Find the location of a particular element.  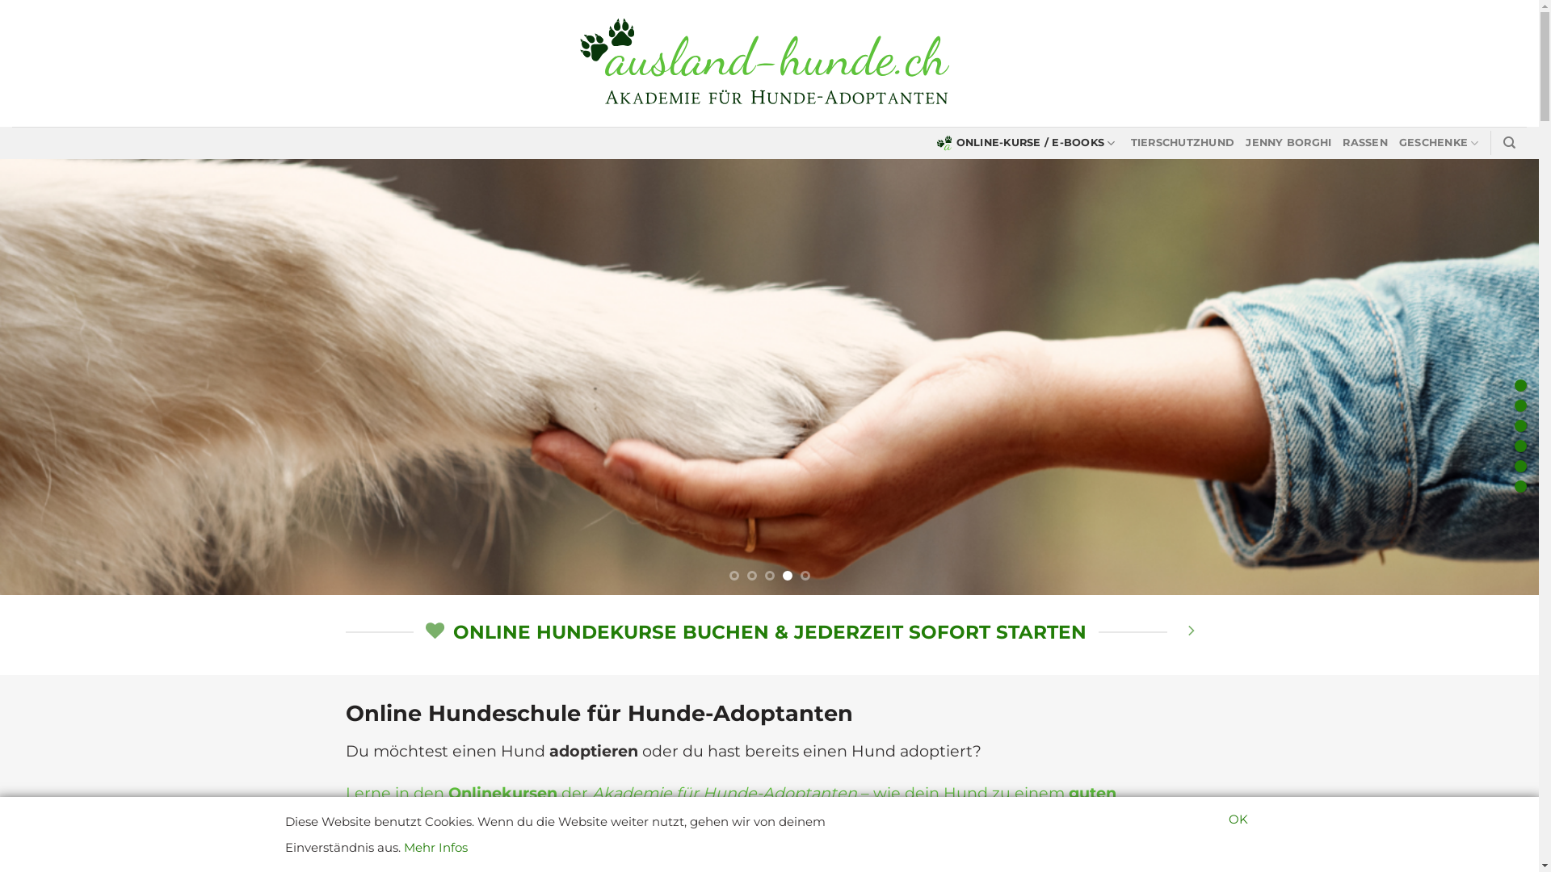

'ausland-hunde.ch - Die Ausland-Hund Akademie' is located at coordinates (767, 62).